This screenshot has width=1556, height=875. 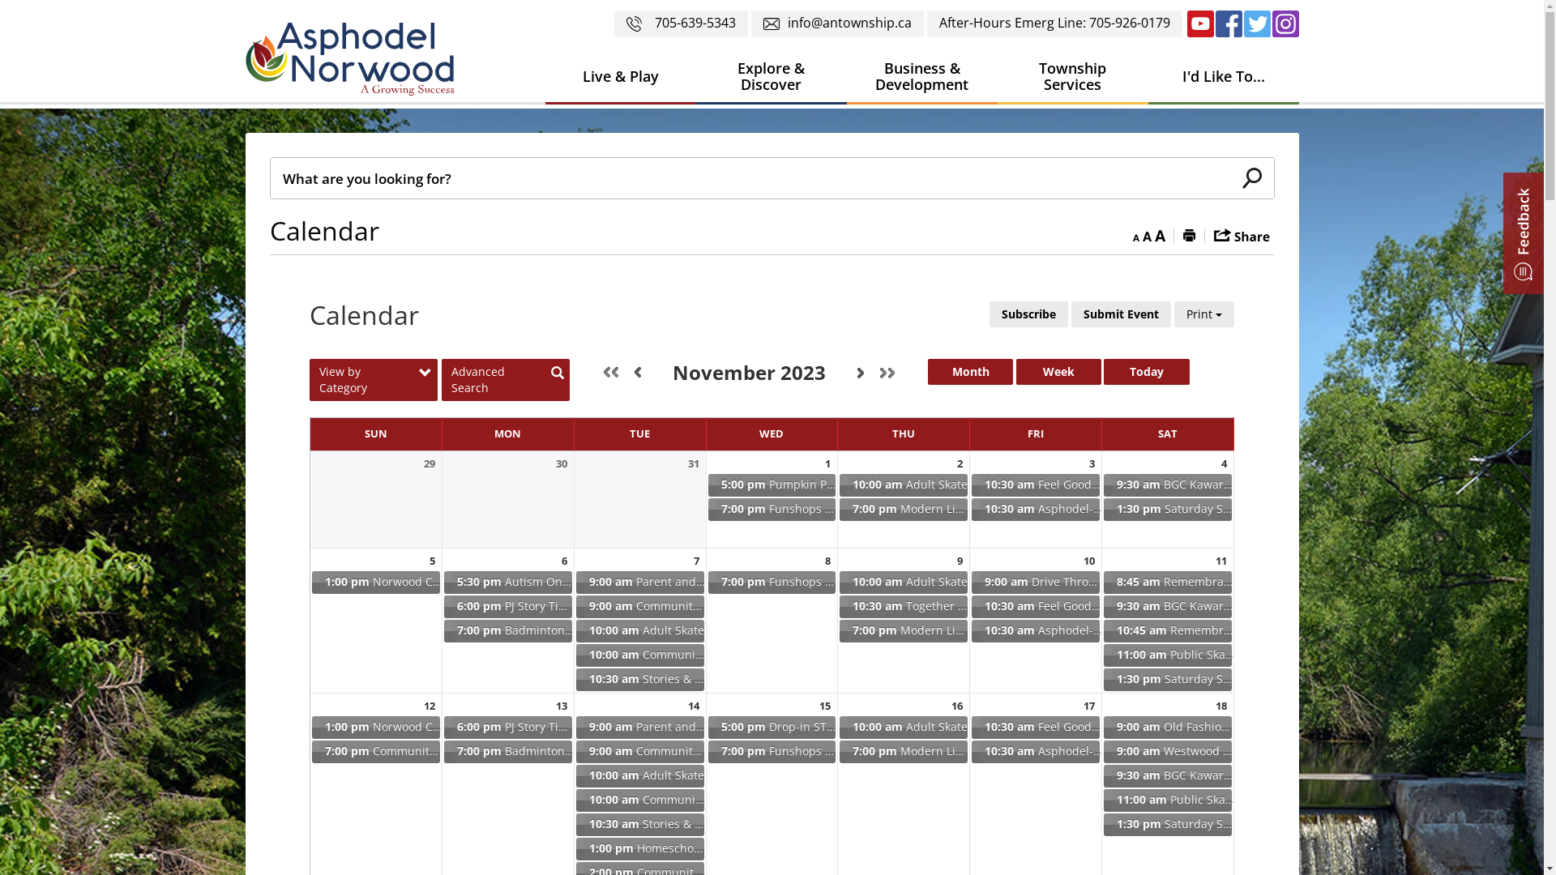 What do you see at coordinates (639, 680) in the screenshot?
I see `'10:30 am Stories & More with Ms. Trish'` at bounding box center [639, 680].